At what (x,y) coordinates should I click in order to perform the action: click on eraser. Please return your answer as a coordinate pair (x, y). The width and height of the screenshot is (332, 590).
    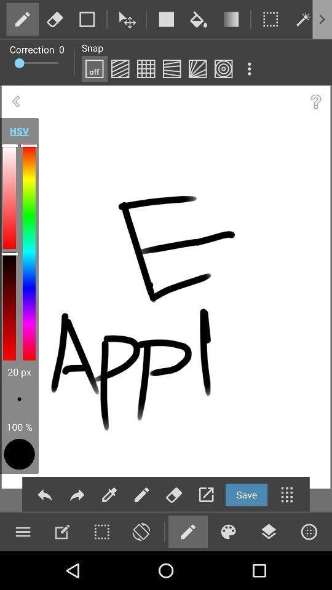
    Looking at the image, I should click on (54, 18).